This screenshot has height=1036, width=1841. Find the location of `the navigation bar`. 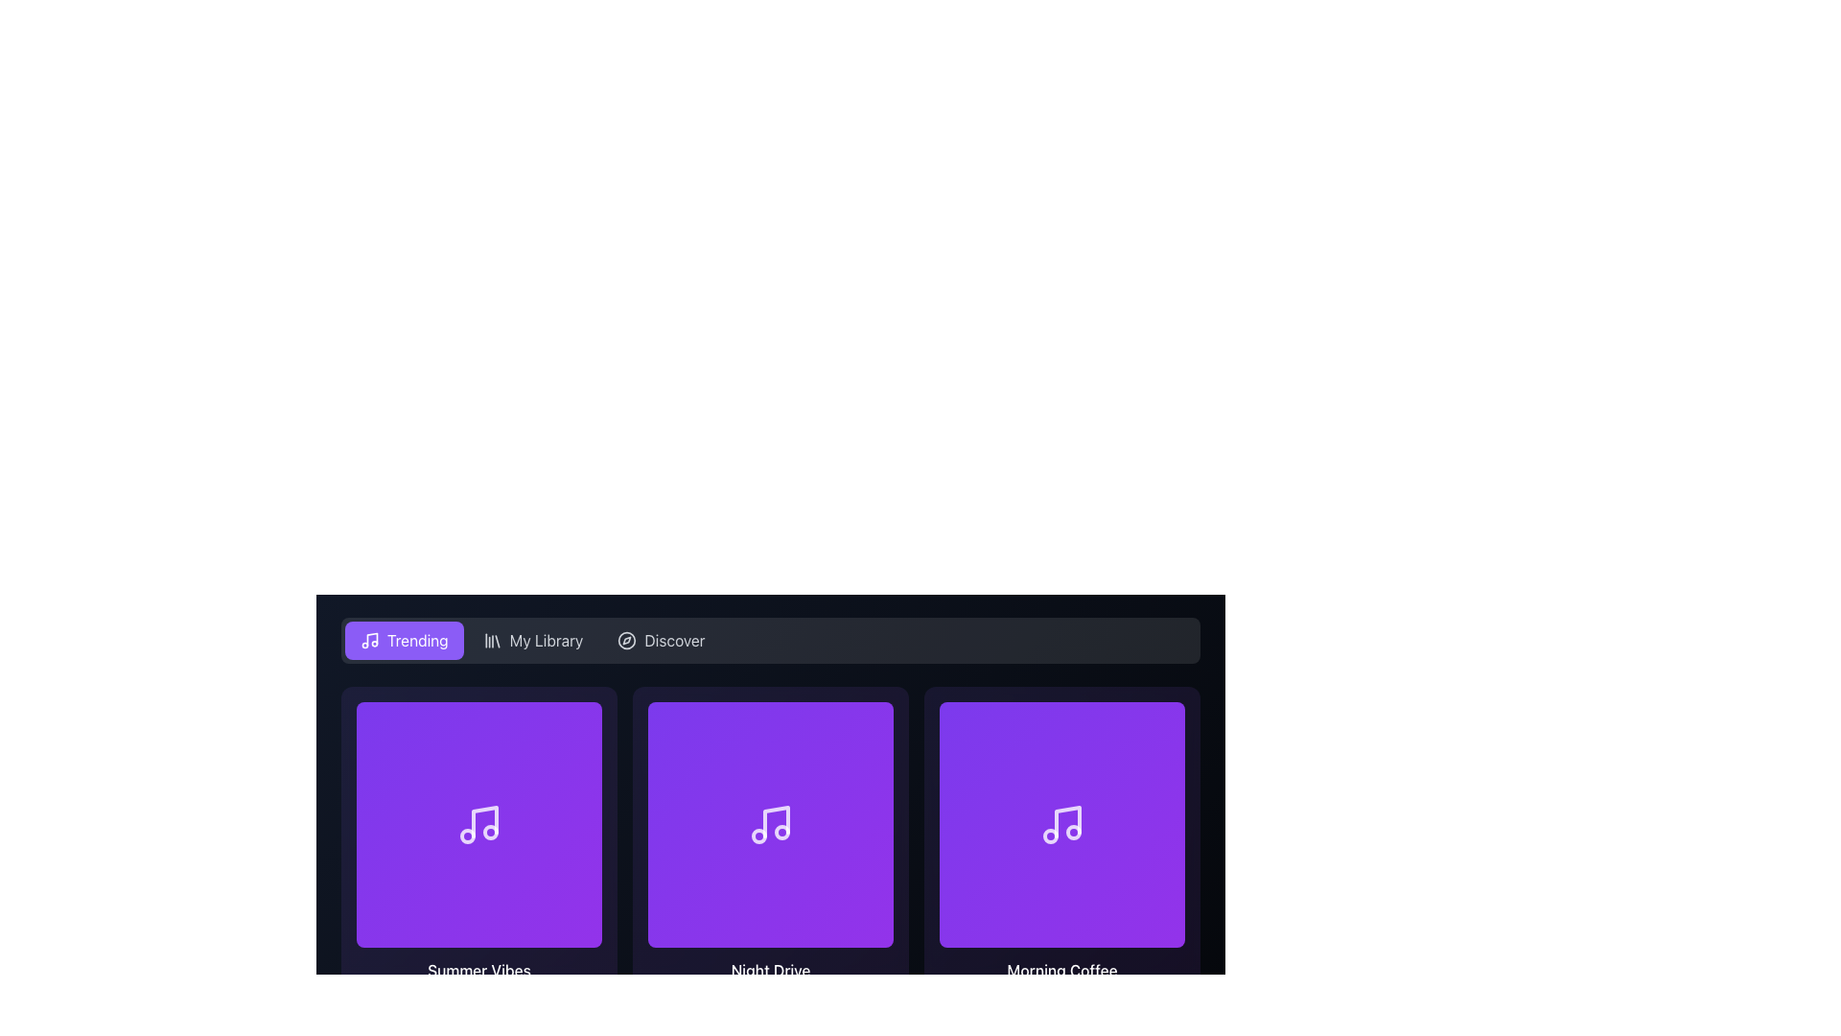

the navigation bar is located at coordinates (771, 640).